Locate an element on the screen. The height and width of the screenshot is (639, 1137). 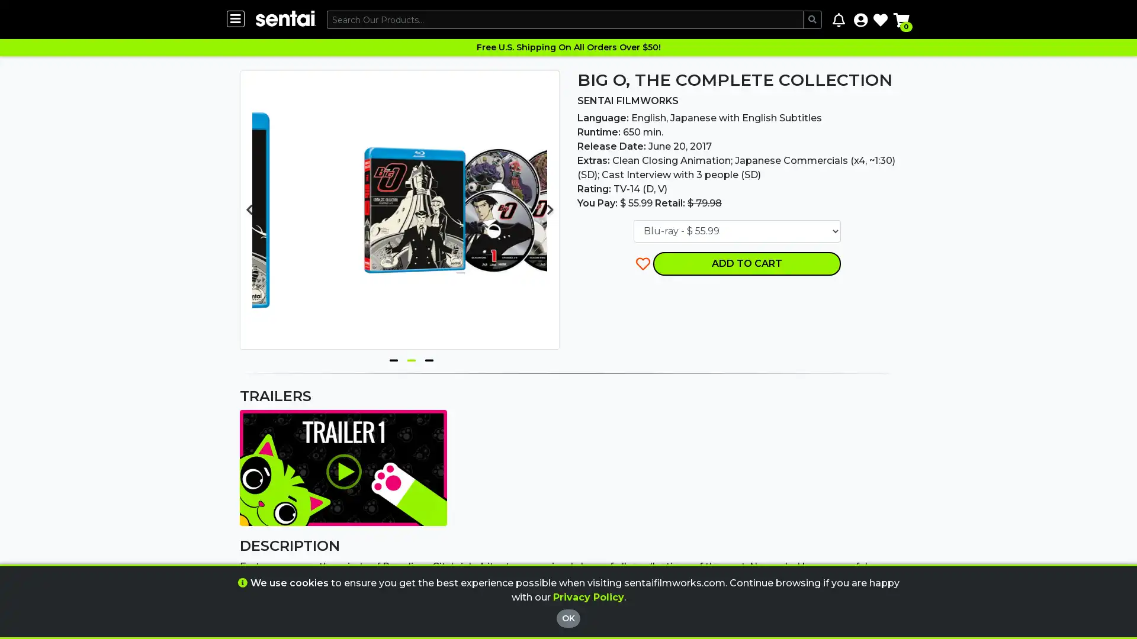
Previous is located at coordinates (249, 209).